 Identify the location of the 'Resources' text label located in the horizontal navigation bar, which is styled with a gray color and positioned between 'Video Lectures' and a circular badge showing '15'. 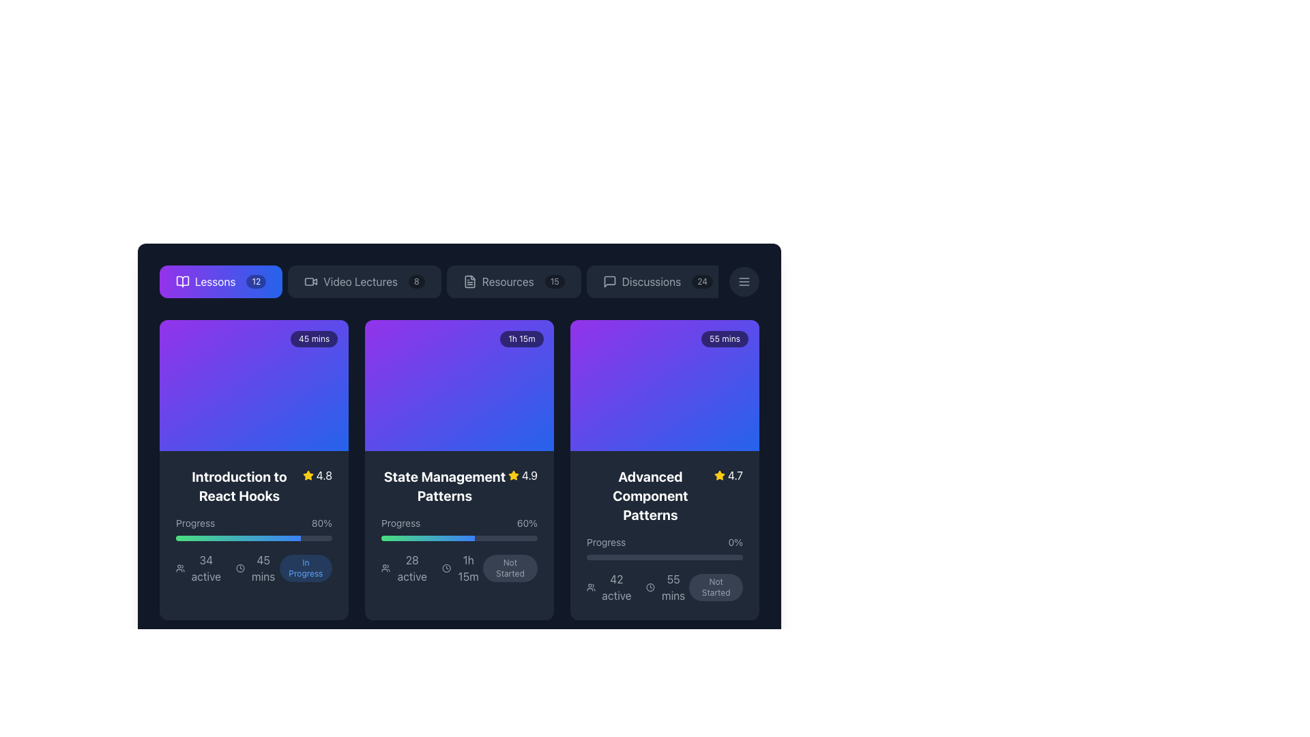
(507, 280).